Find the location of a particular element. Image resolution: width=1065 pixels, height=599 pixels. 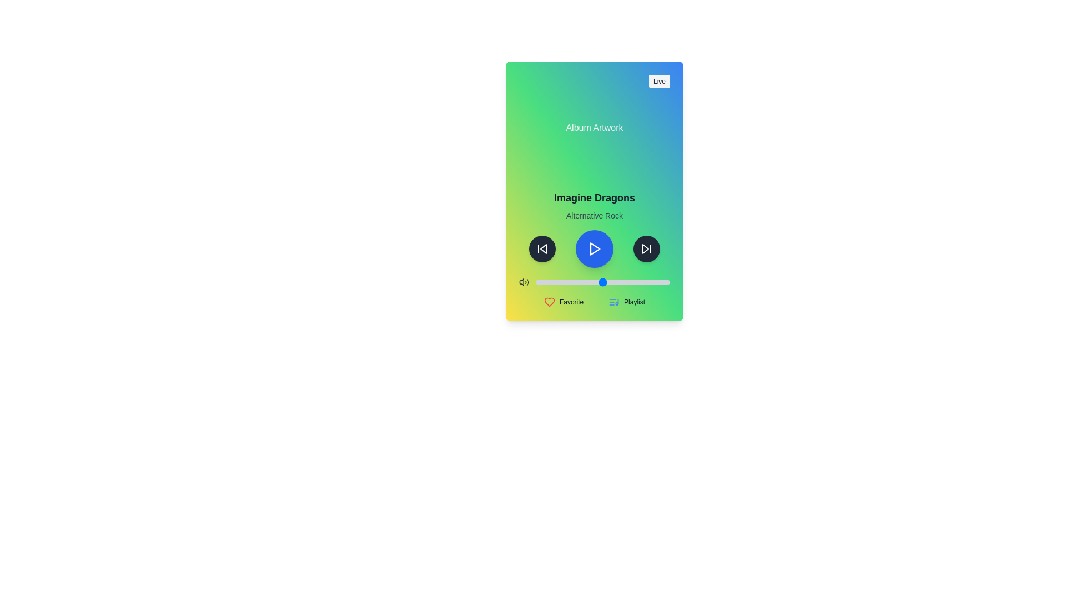

the 'Imagine Dragons' text label, which is centrally located within a card interface under the 'Album Artwork' label and above 'Alternative Rock' is located at coordinates (594, 197).